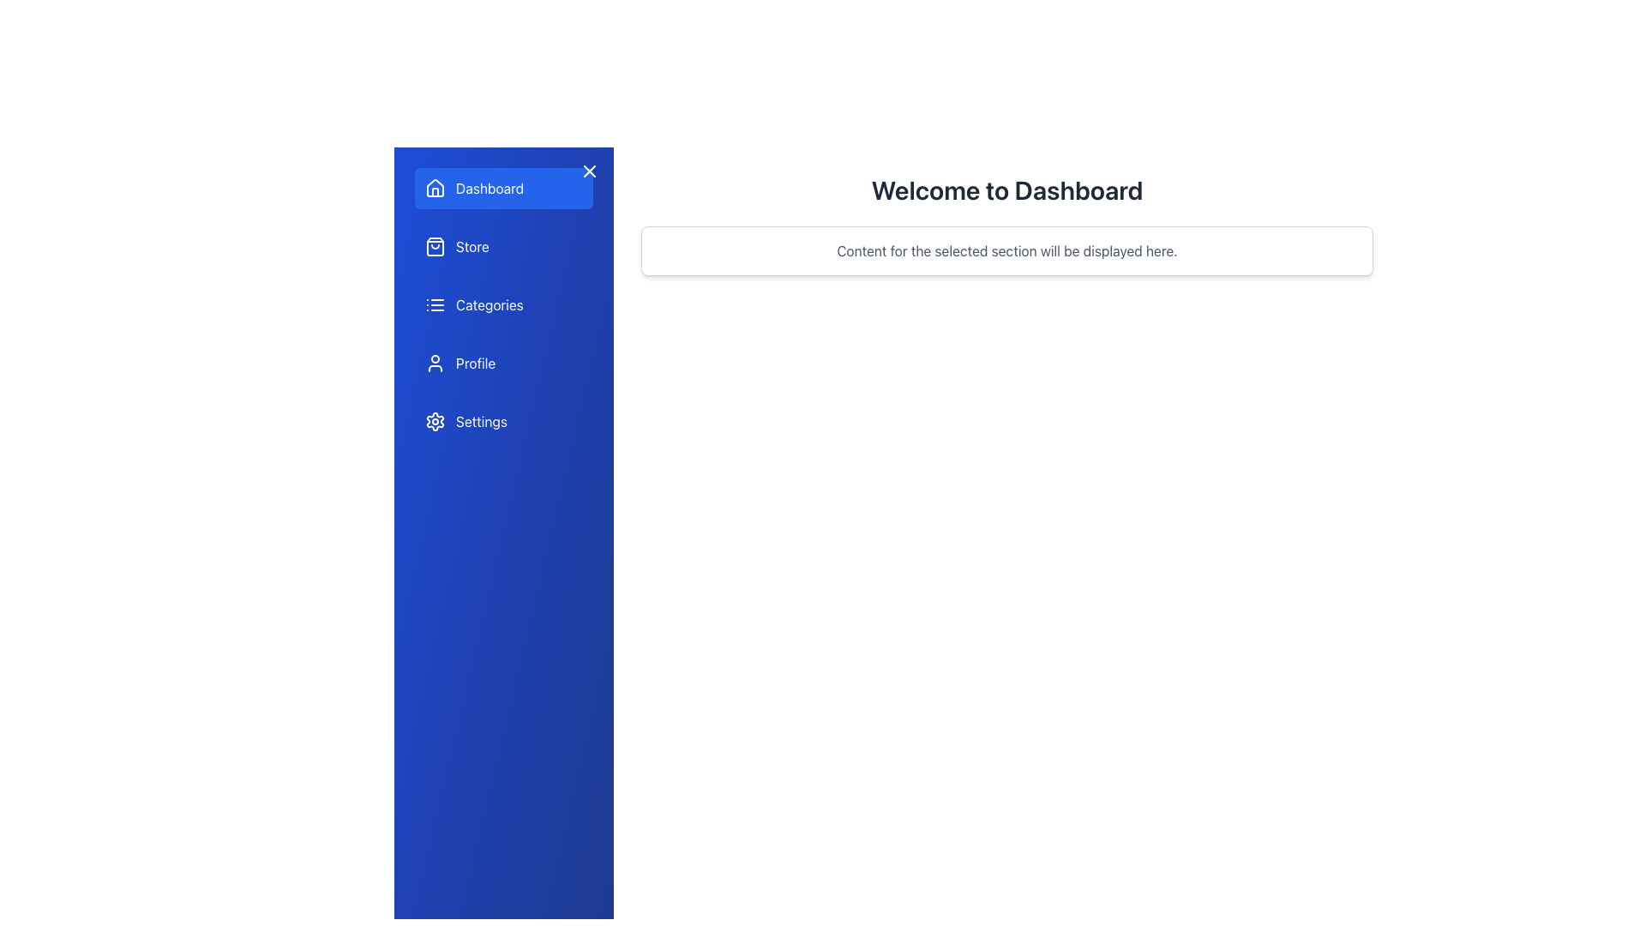 This screenshot has height=926, width=1646. What do you see at coordinates (589, 171) in the screenshot?
I see `the Close Button Icon, which is a cross-shaped icon located at the top-right corner of the blue 'Dashboard' button in the sidebar menu` at bounding box center [589, 171].